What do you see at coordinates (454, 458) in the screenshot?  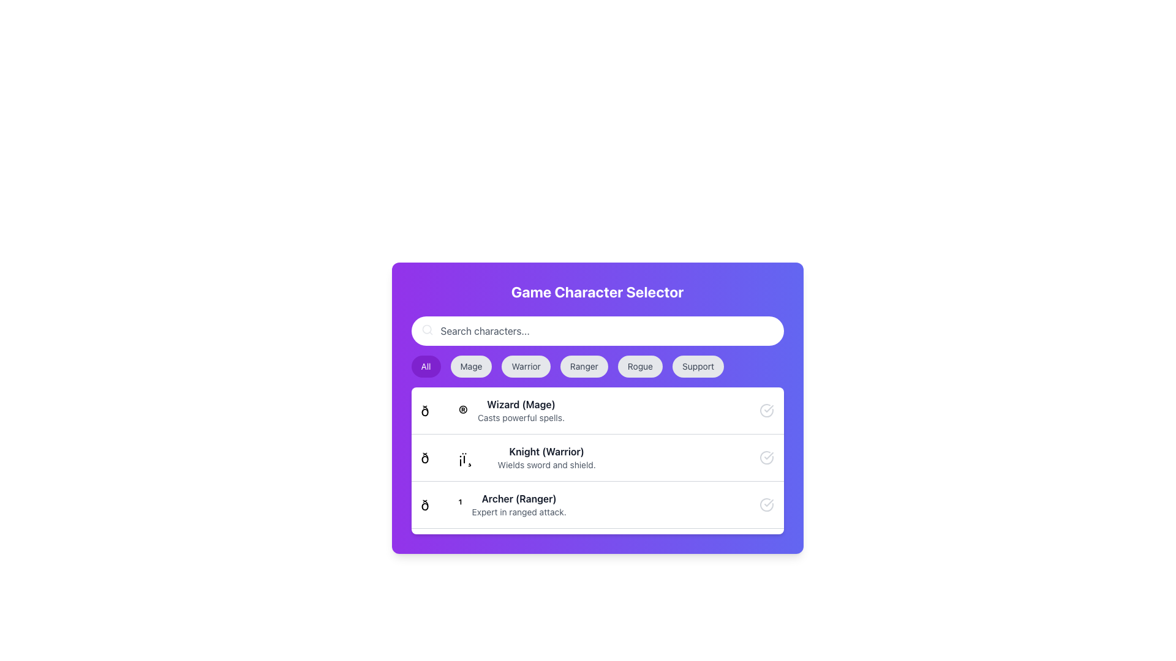 I see `the character type icon representing 'Knight (Warrior)', which is located in the second row of the character selection list, directly to the left of the text 'Knight (Warrior)'` at bounding box center [454, 458].